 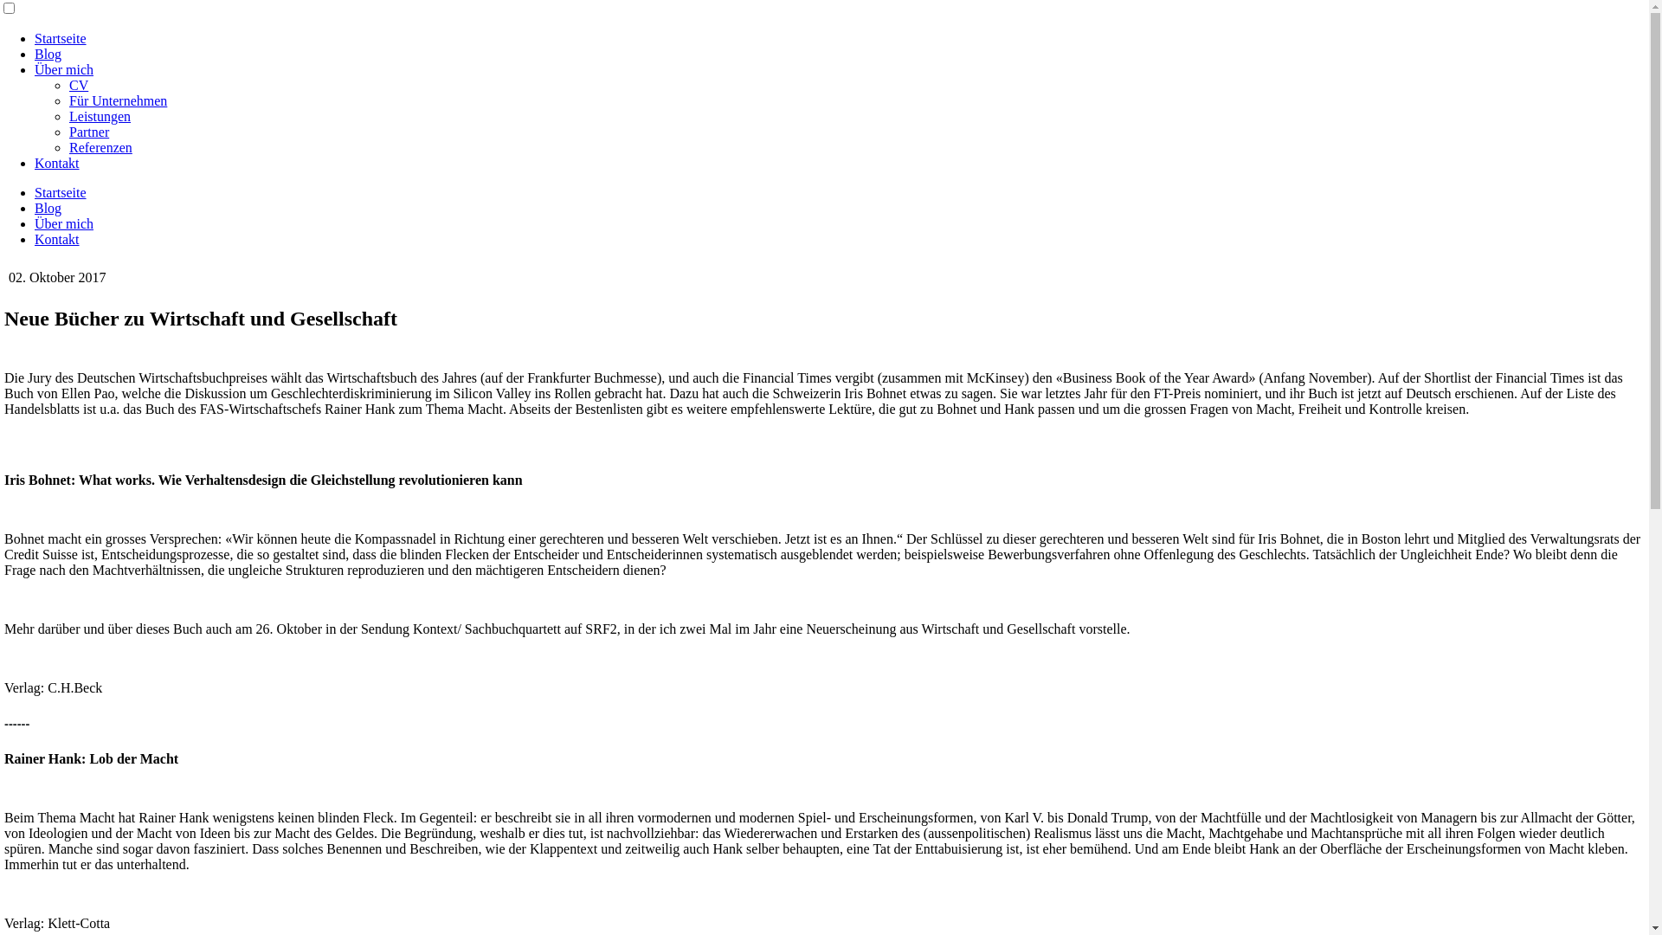 What do you see at coordinates (69, 85) in the screenshot?
I see `'CV'` at bounding box center [69, 85].